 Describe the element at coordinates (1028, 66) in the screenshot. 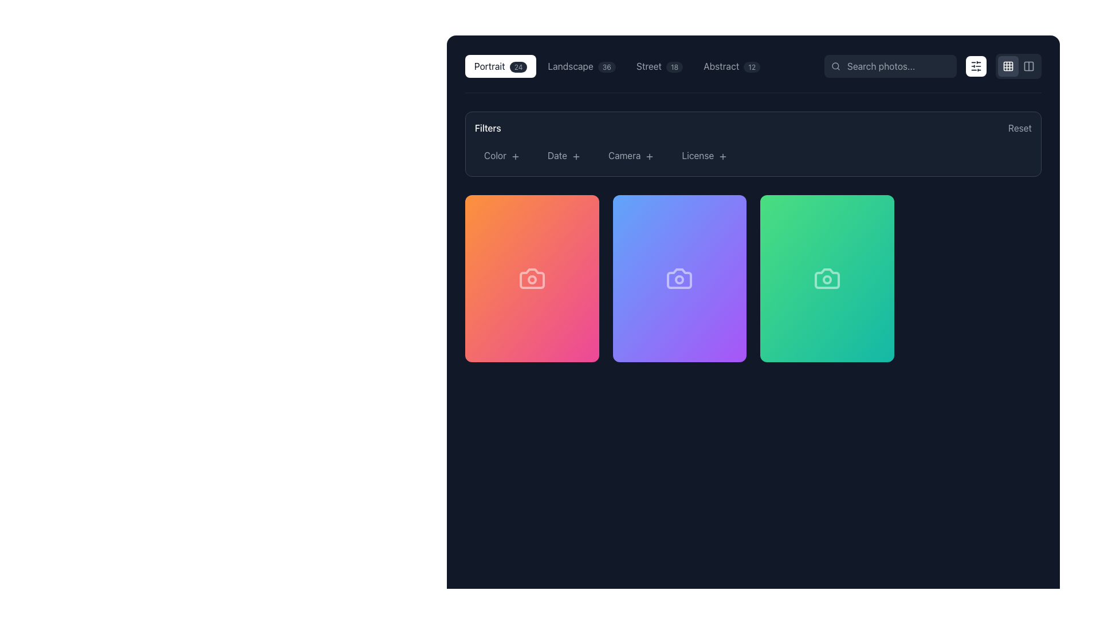

I see `the SVG-based icon in the top-right corner of the interface` at that location.